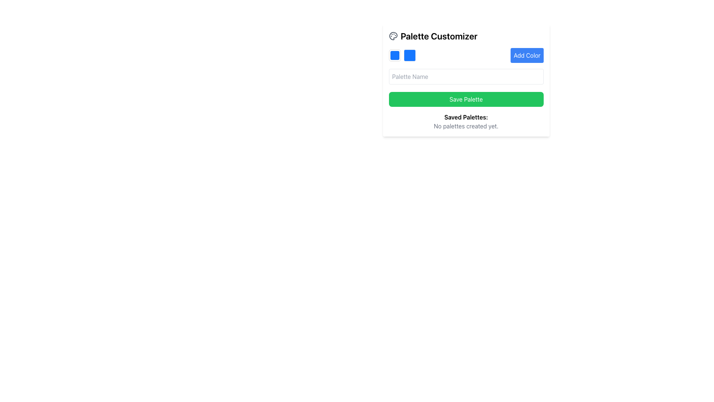 The width and height of the screenshot is (714, 402). Describe the element at coordinates (394, 55) in the screenshot. I see `the Color Picker Button located in the header section of the 'Palette Customizer' widget` at that location.